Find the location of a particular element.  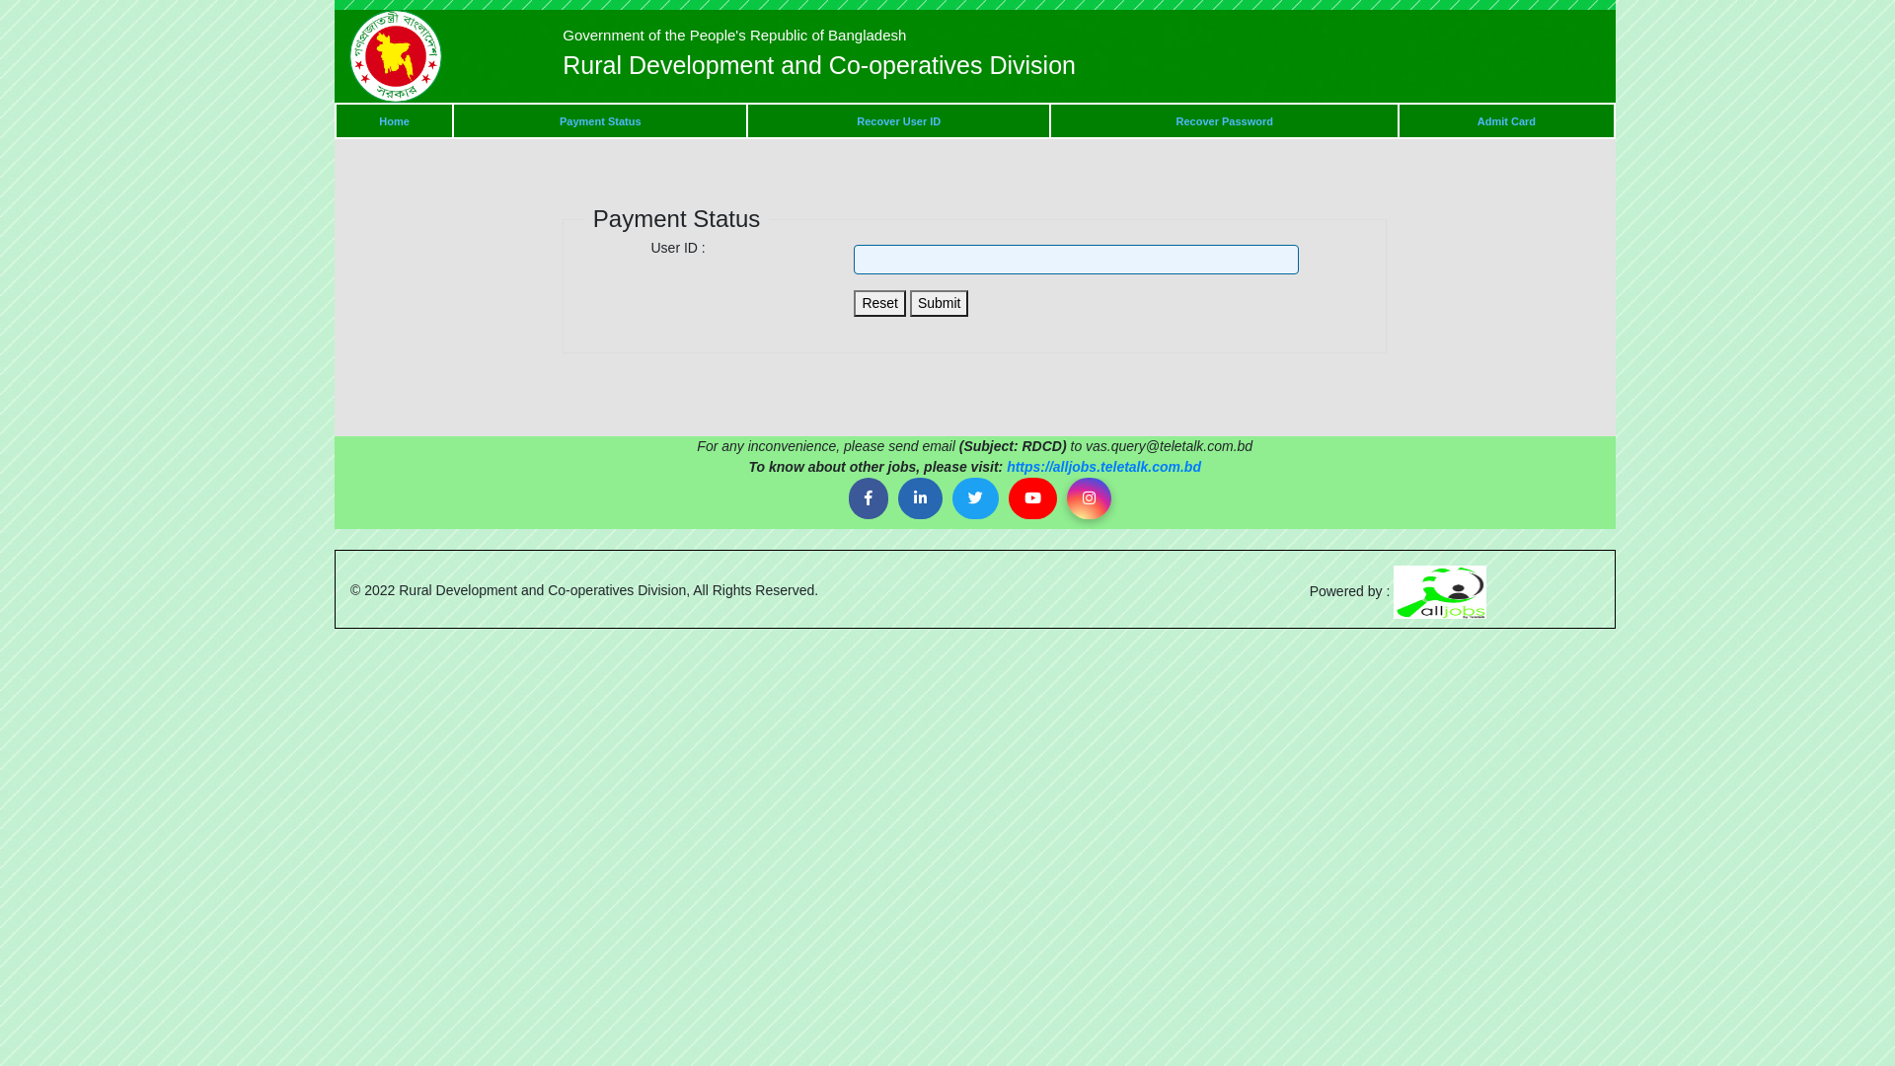

'https://alljobs.teletalk.com.bd' is located at coordinates (1102, 467).